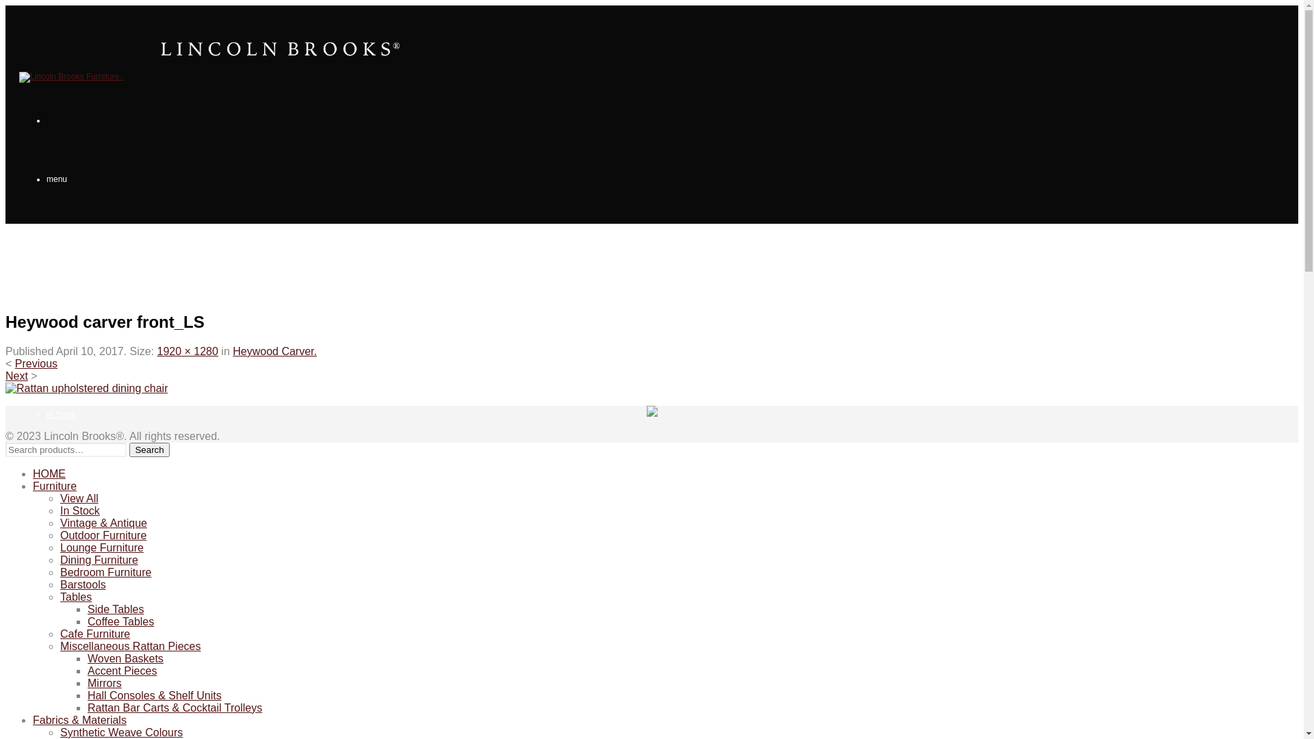  Describe the element at coordinates (31, 237) in the screenshot. I see `'HOME'` at that location.